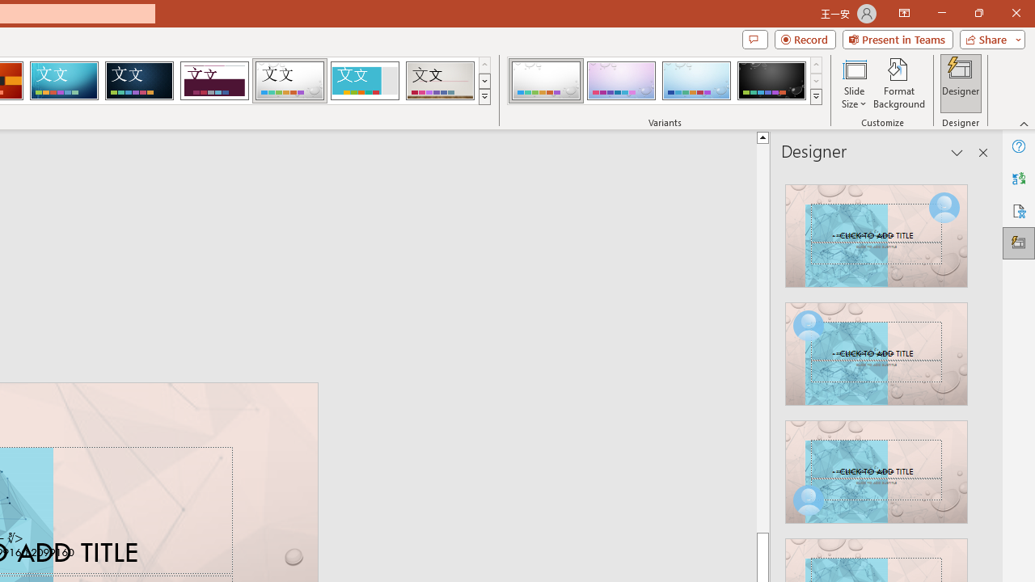  What do you see at coordinates (64, 81) in the screenshot?
I see `'Circuit'` at bounding box center [64, 81].